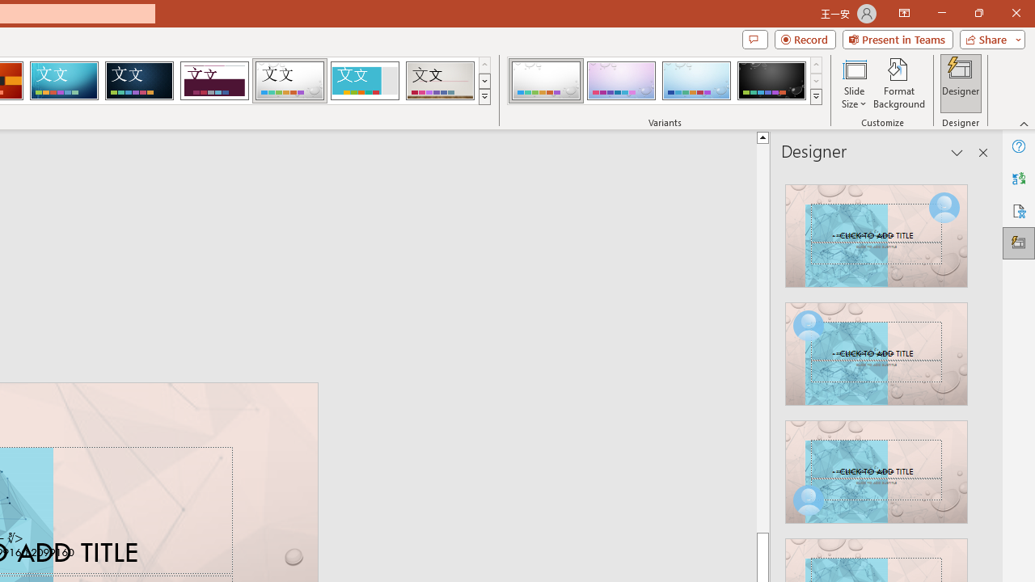  What do you see at coordinates (64, 81) in the screenshot?
I see `'Circuit'` at bounding box center [64, 81].